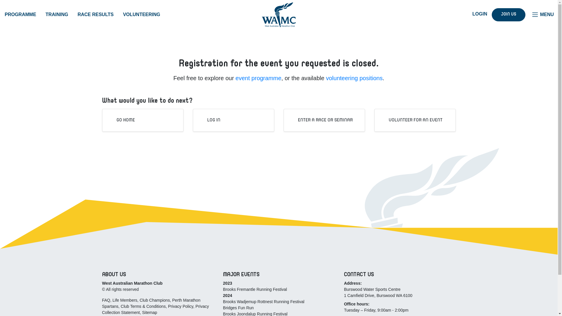  I want to click on 'Privacy Collection Statement', so click(155, 309).